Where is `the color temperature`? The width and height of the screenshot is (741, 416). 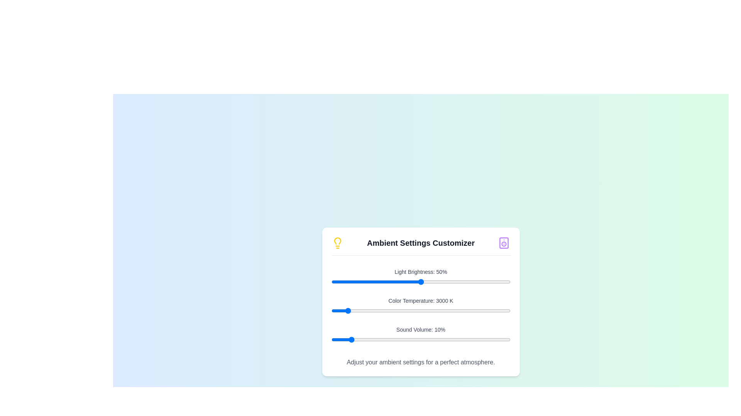
the color temperature is located at coordinates (433, 310).